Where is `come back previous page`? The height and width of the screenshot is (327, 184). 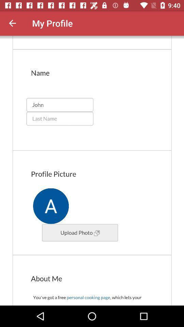 come back previous page is located at coordinates (12, 23).